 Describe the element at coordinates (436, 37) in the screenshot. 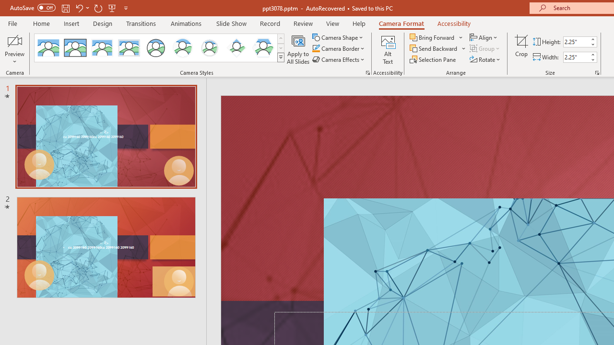

I see `'Bring Forward'` at that location.